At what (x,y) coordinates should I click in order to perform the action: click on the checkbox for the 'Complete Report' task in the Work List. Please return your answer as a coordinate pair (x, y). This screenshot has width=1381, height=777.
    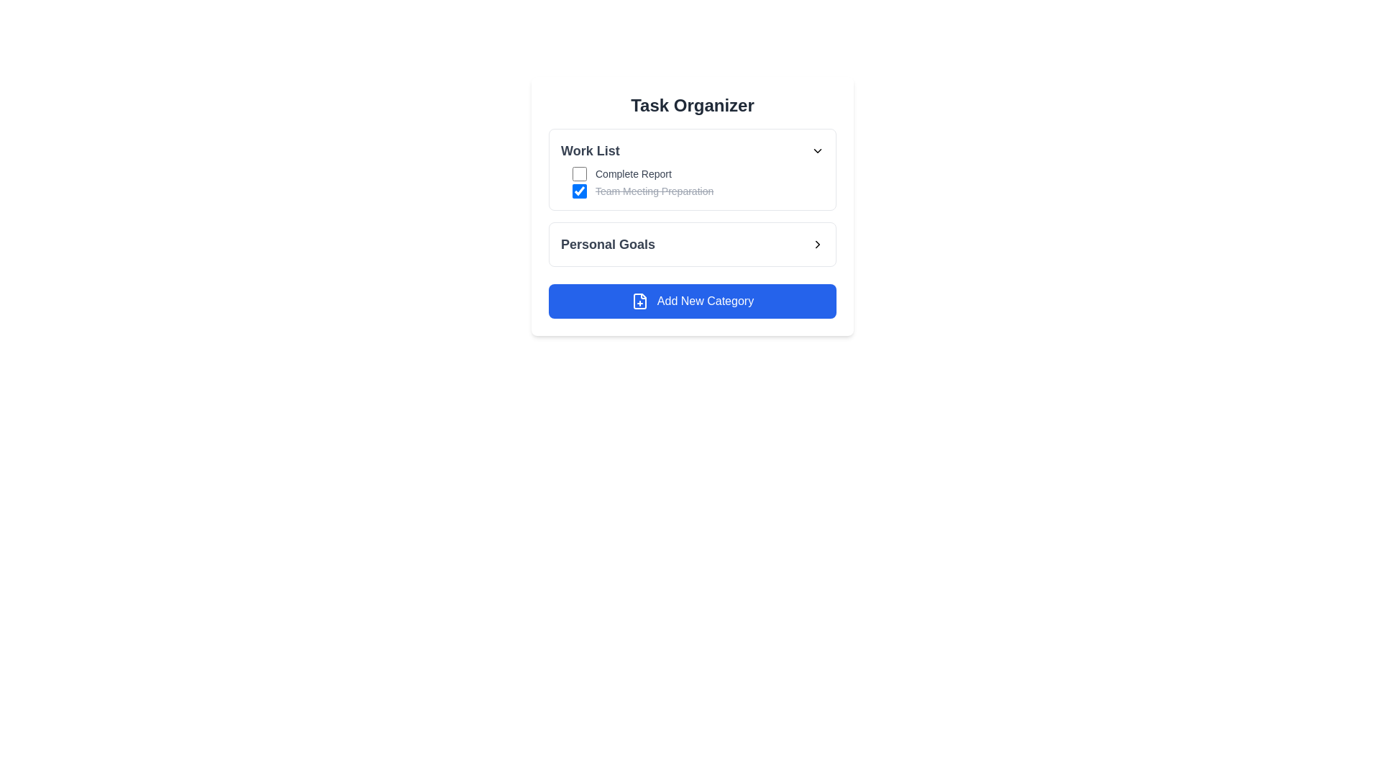
    Looking at the image, I should click on (698, 173).